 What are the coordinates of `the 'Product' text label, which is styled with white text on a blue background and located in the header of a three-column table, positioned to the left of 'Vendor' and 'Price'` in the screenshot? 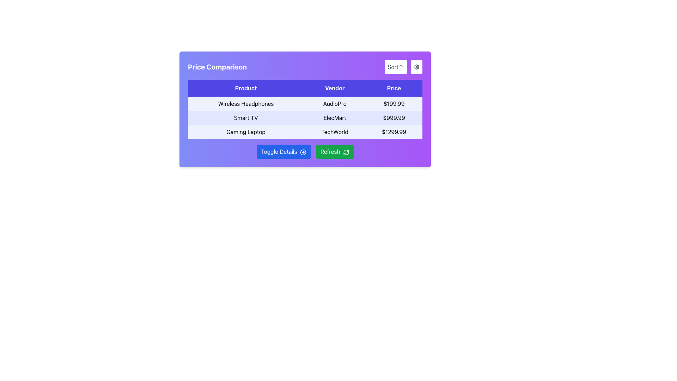 It's located at (246, 88).